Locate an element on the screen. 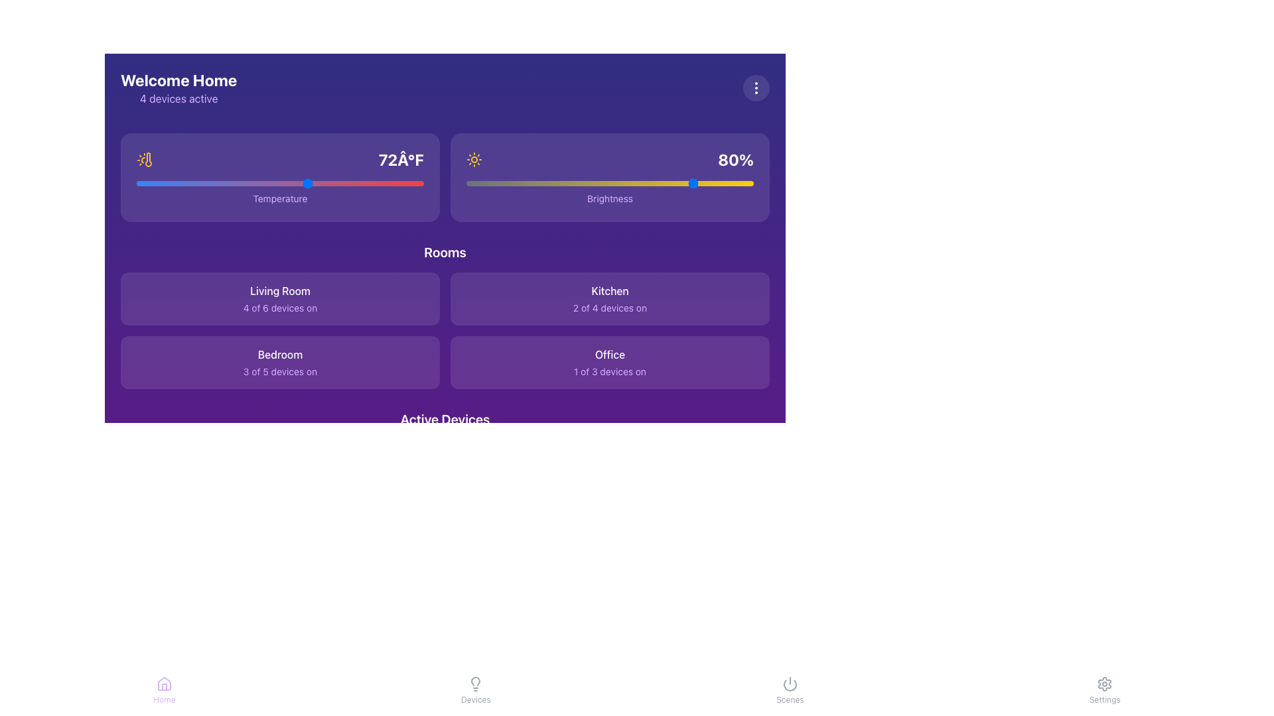 The height and width of the screenshot is (716, 1274). the power icon within the 'Scenes' navigation item located in the bottom navigation bar is located at coordinates (790, 684).